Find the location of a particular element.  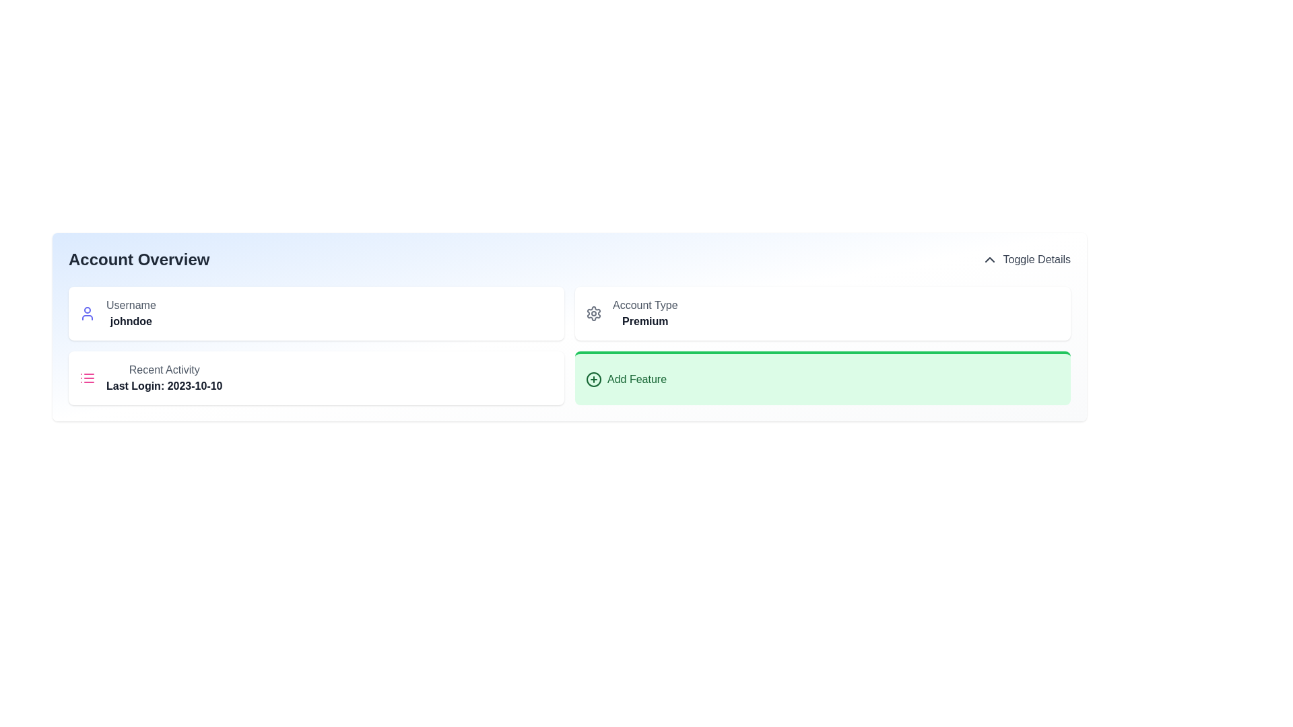

the static text label displaying 'johndoe', which is in dark gray, bold font and located below the 'Username' label in the user-profile section is located at coordinates (131, 322).